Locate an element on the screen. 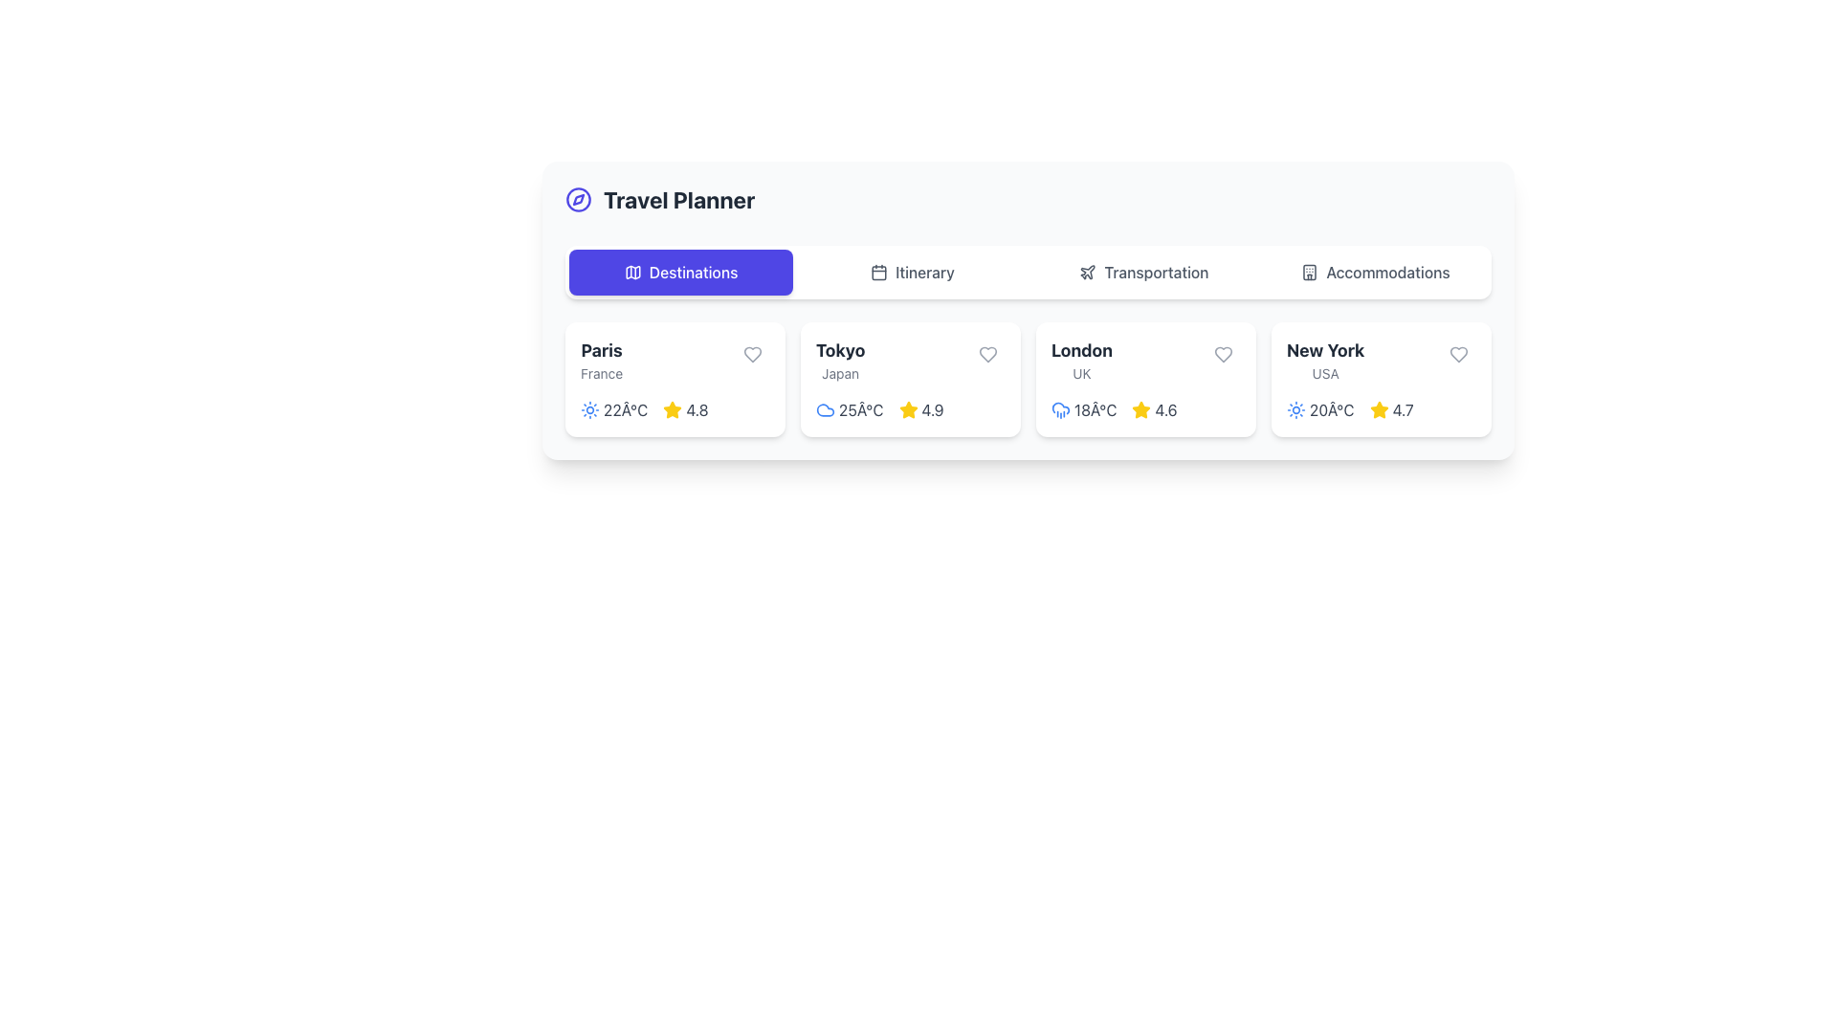 The width and height of the screenshot is (1837, 1033). the 'Tokyo' and 'Japan' text label located in the top-left section of the second destination card, which features bold and larger font for 'Tokyo' and lighter smaller font for 'Japan' is located at coordinates (840, 361).